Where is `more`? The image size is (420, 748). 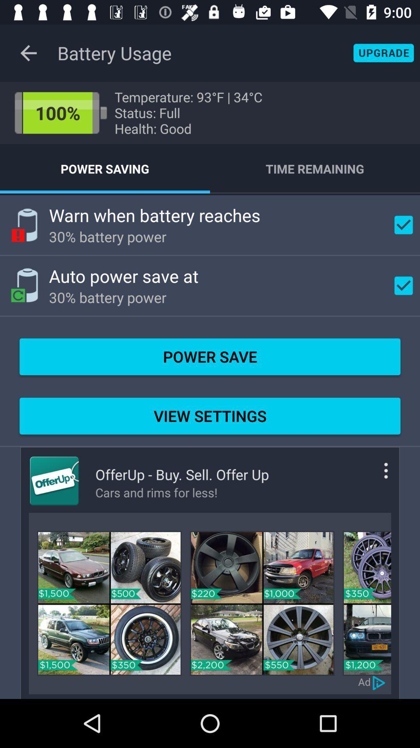
more is located at coordinates (374, 476).